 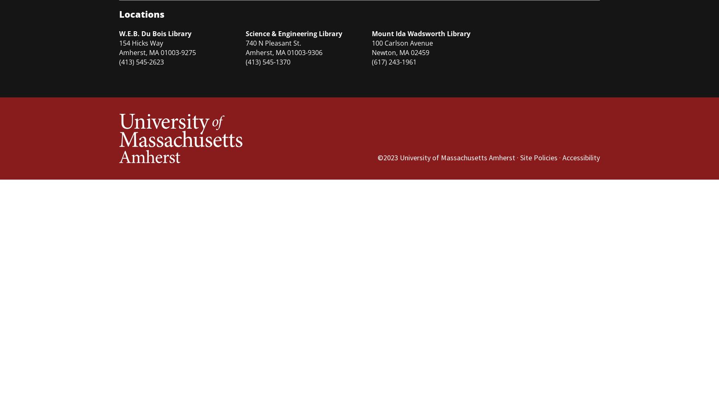 I want to click on '154 Hicks Way', so click(x=141, y=42).